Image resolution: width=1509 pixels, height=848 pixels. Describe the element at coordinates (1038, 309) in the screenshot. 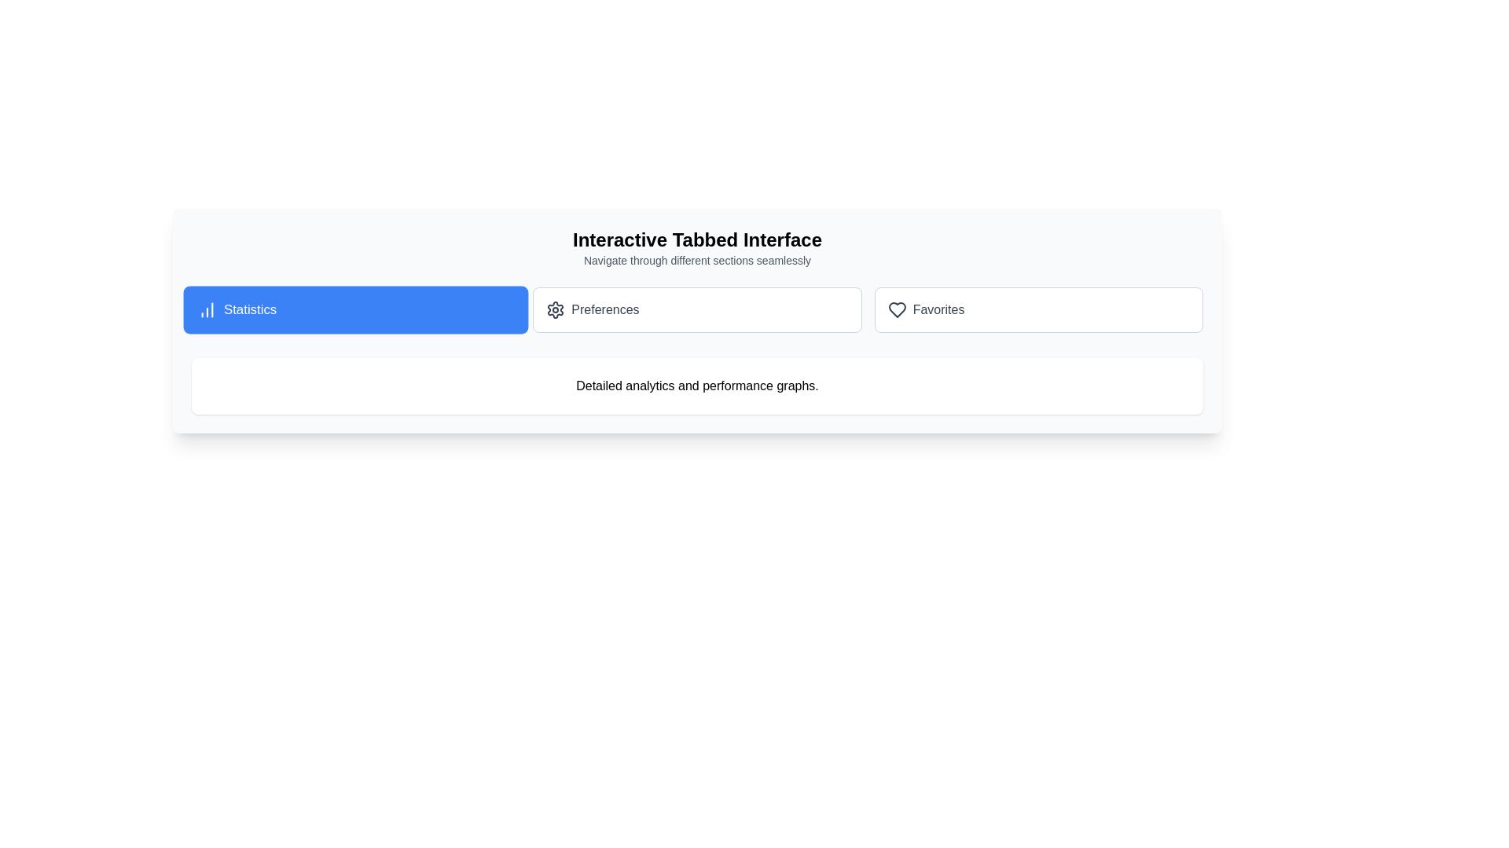

I see `the tab labeled Favorites to navigate to its content` at that location.